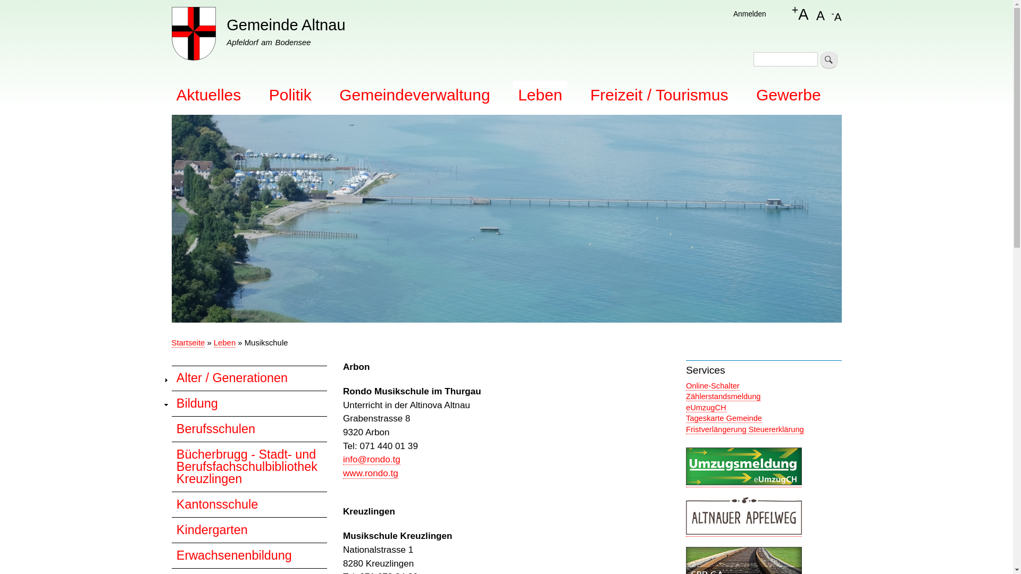 The height and width of the screenshot is (574, 1021). What do you see at coordinates (658, 94) in the screenshot?
I see `'Freizeit / Tourismus'` at bounding box center [658, 94].